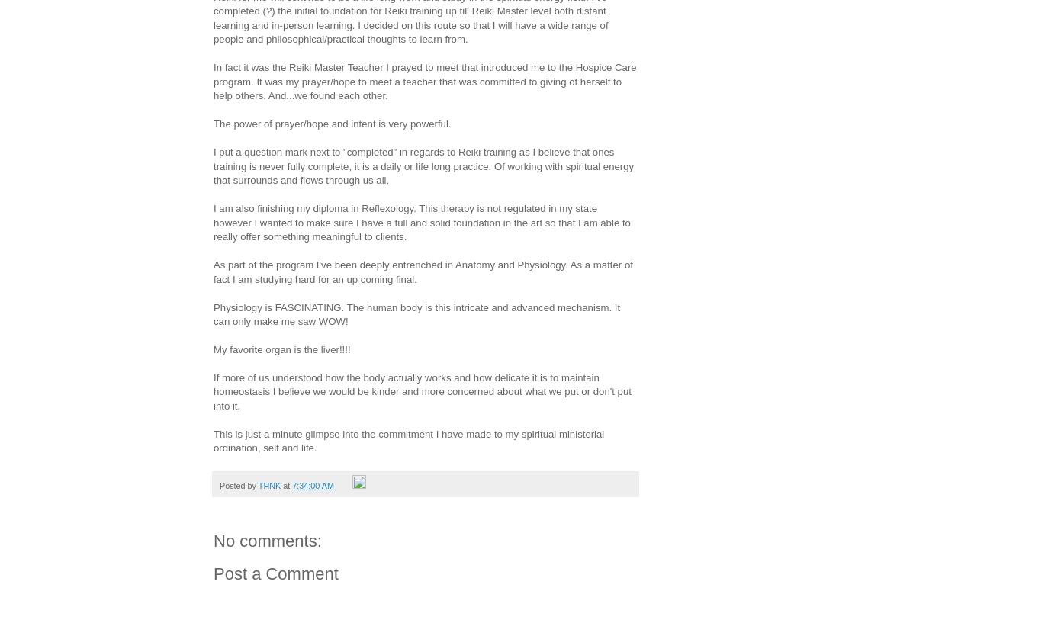 This screenshot has width=1048, height=636. I want to click on 'Physiology is FASCINATING. The human body is this intricate and advanced mechanism. It can only make me saw WOW!', so click(416, 313).